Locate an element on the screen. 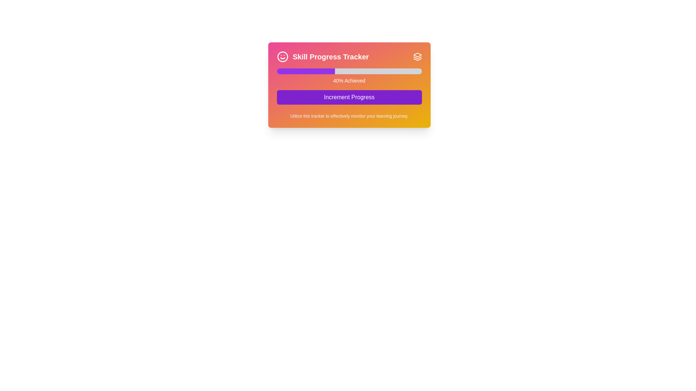 Image resolution: width=696 pixels, height=391 pixels. the Circle (SVG Element) that forms the outer boundary of the smiley face icon in the top left corner of the 'Skill Progress Tracker' card is located at coordinates (282, 56).